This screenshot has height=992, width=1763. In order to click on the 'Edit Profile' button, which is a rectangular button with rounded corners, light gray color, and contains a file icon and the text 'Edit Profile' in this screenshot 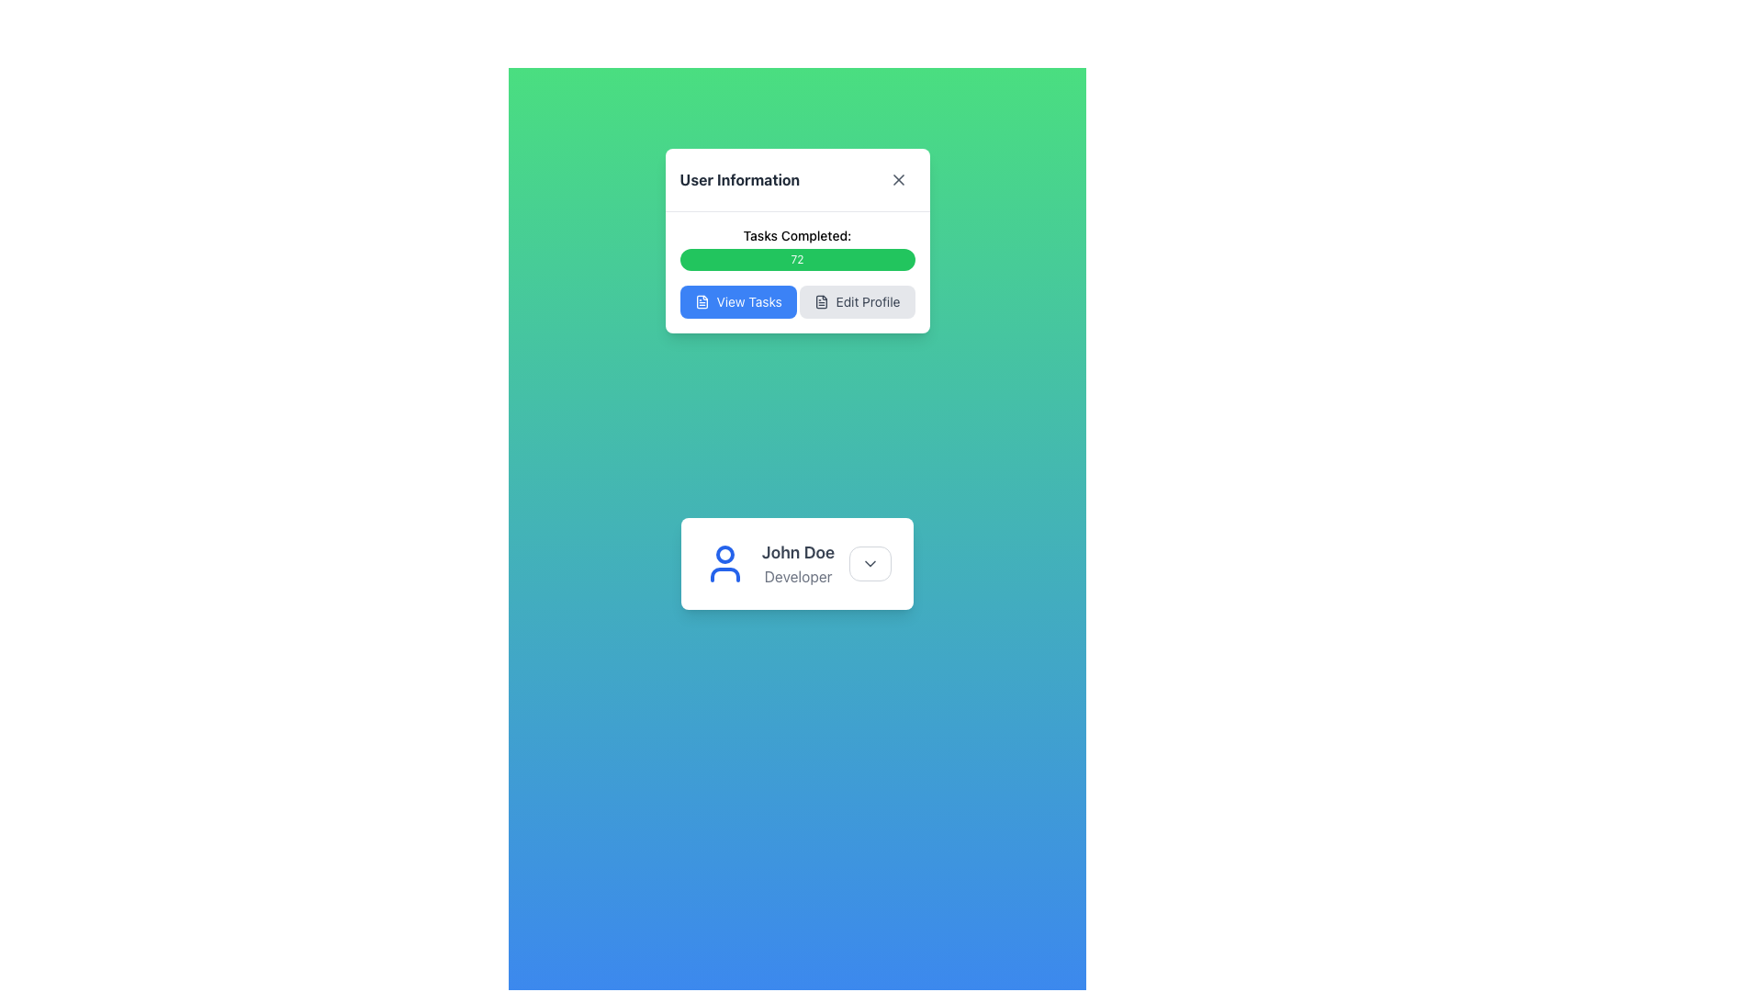, I will do `click(856, 300)`.